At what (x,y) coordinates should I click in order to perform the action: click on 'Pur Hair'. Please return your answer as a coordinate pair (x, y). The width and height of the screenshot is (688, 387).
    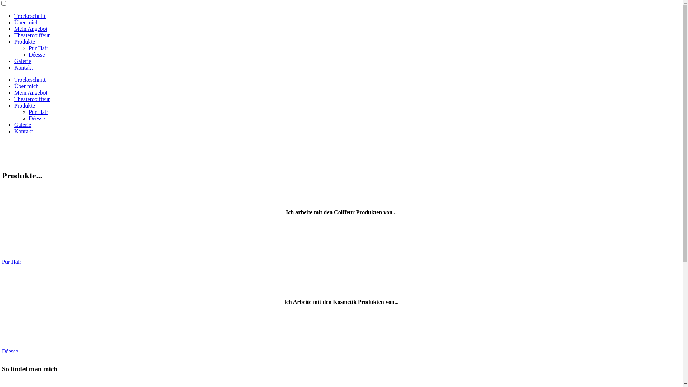
    Looking at the image, I should click on (38, 112).